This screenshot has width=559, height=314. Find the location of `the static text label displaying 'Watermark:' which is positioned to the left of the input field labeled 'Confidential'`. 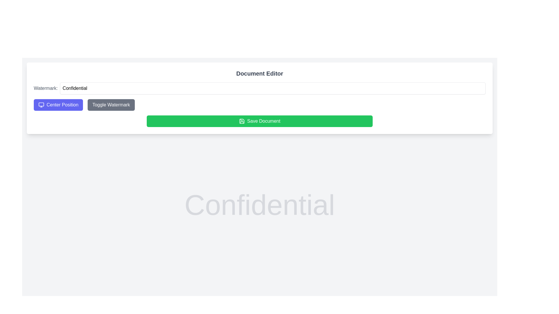

the static text label displaying 'Watermark:' which is positioned to the left of the input field labeled 'Confidential' is located at coordinates (45, 88).